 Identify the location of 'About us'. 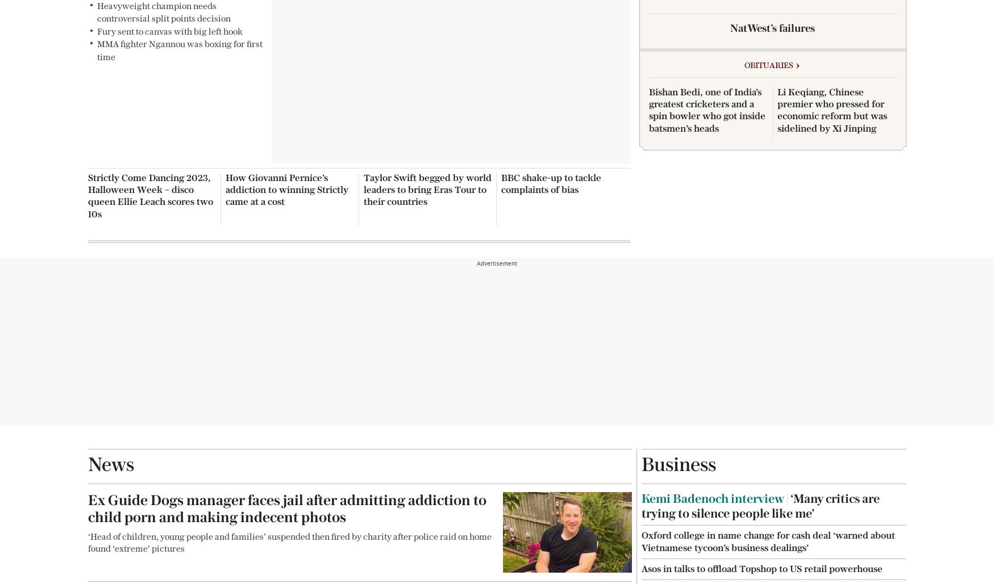
(278, 31).